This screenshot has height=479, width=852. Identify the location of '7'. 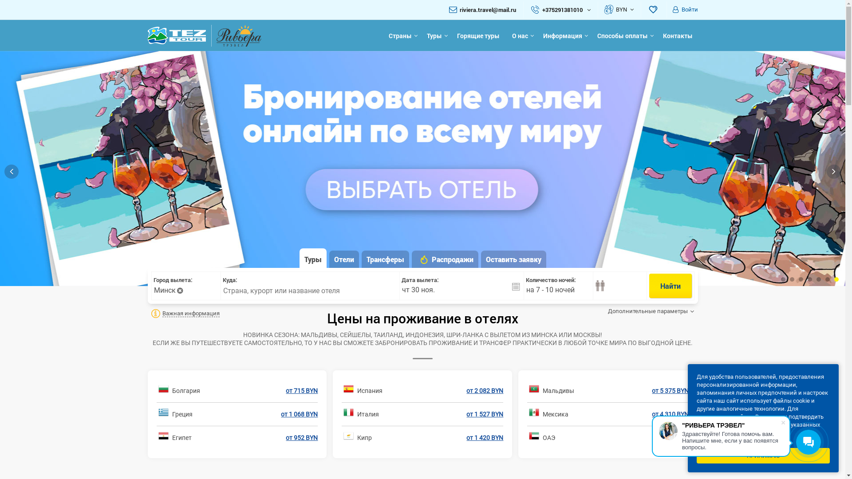
(836, 279).